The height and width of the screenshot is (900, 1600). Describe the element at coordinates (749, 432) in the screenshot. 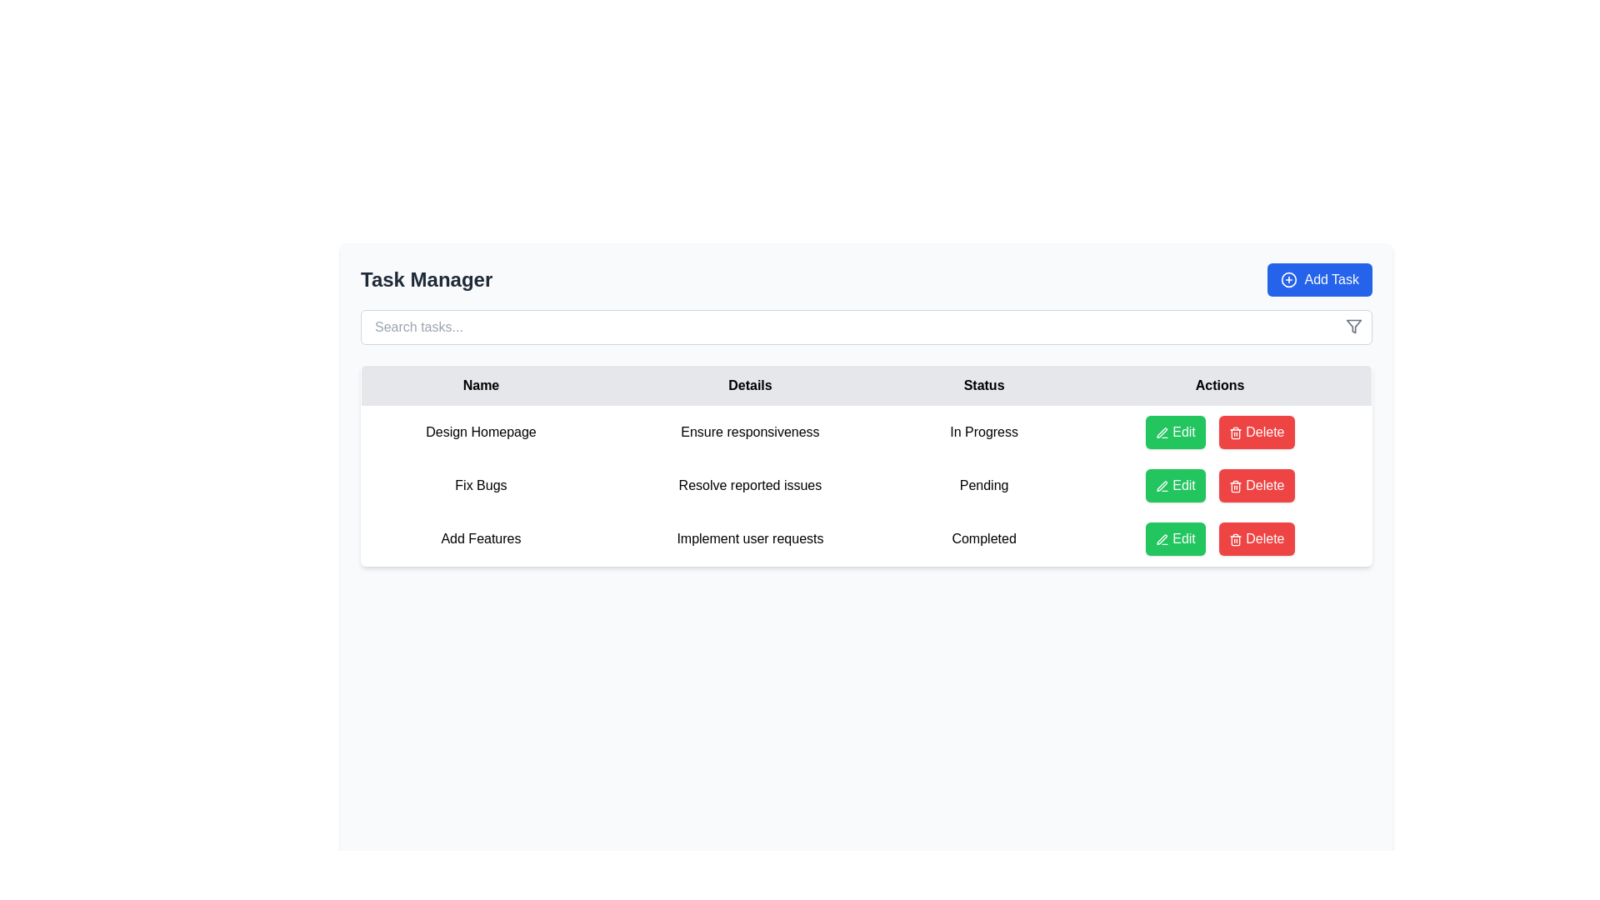

I see `the table cell displaying the phrase 'Ensure responsiveness', which is the second column in the 'Details' category of the first row in the table, positioned between 'Design Homepage' and 'In Progress'` at that location.